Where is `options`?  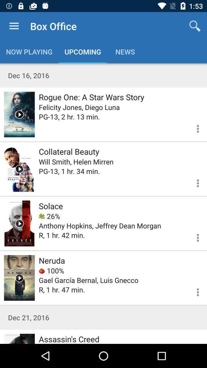
options is located at coordinates (193, 291).